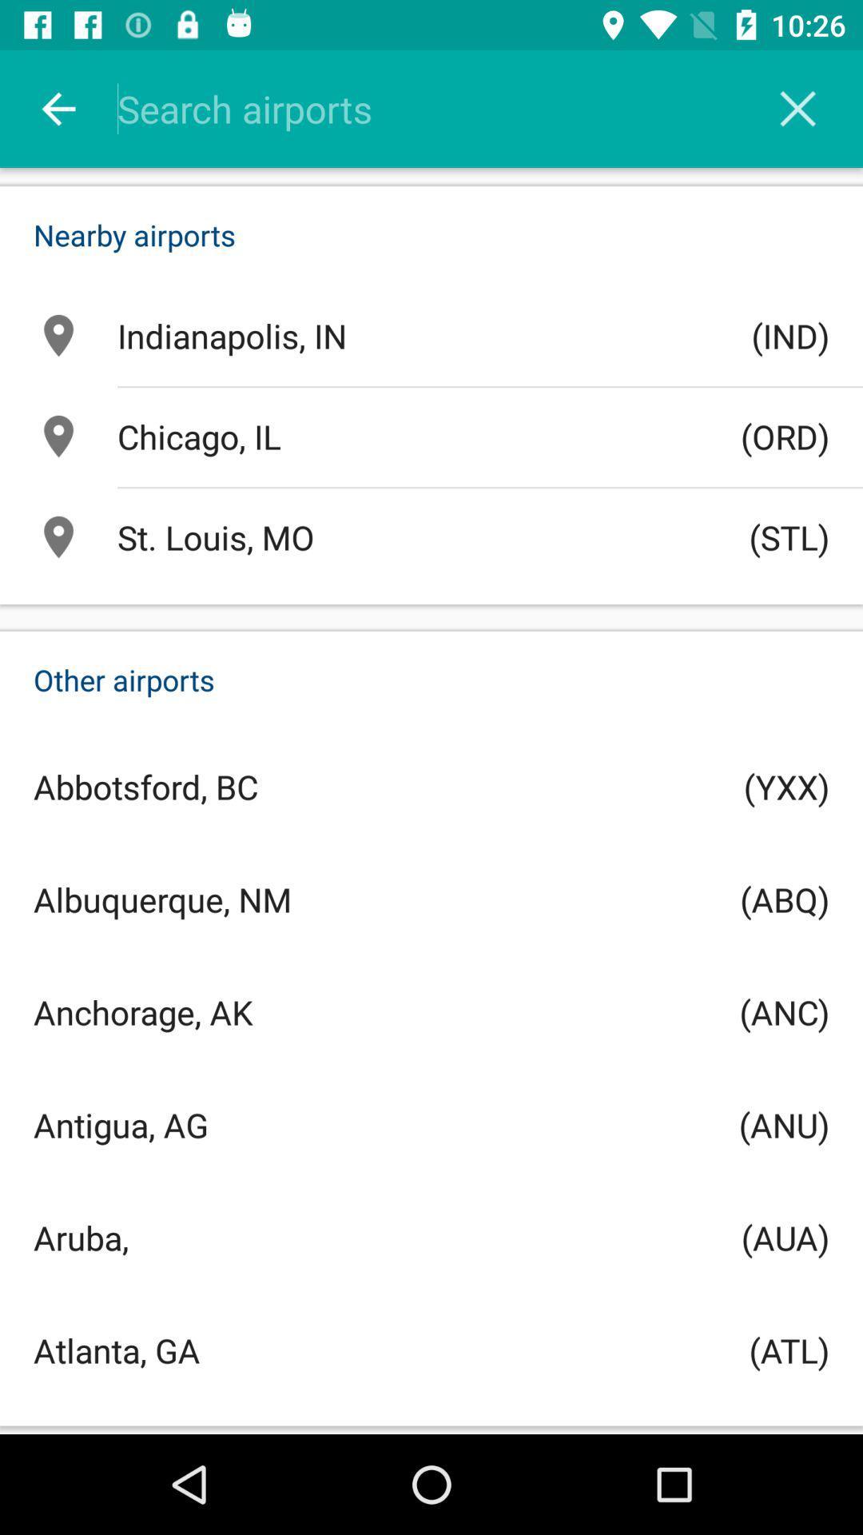 Image resolution: width=863 pixels, height=1535 pixels. Describe the element at coordinates (452, 108) in the screenshot. I see `search airports` at that location.